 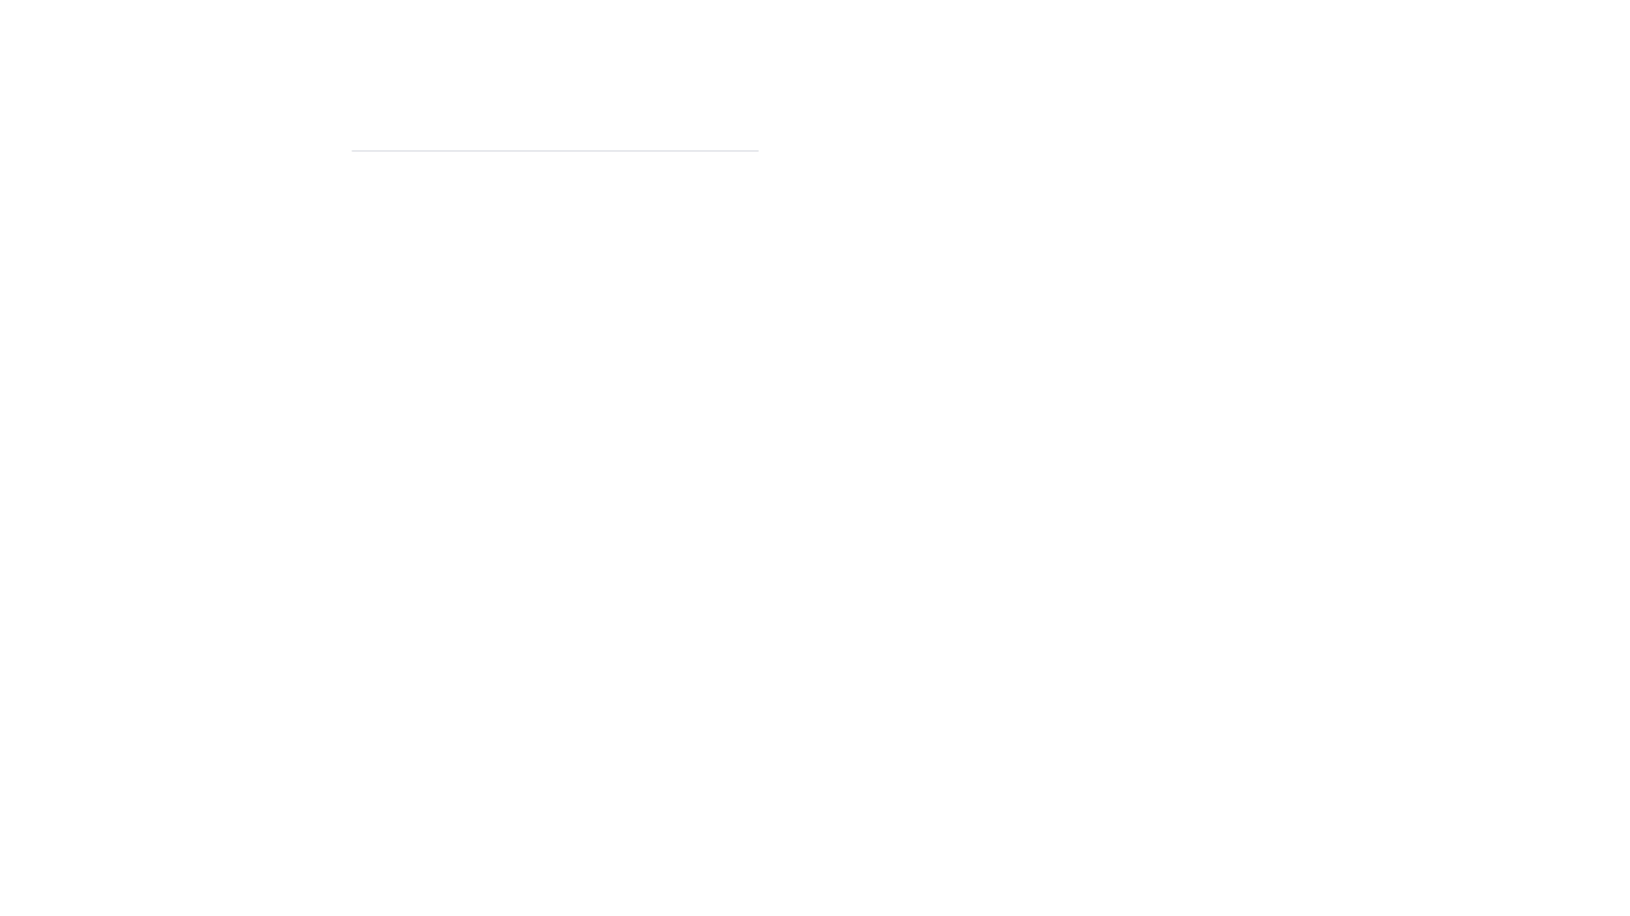 I want to click on the circular button with a gray background and a left-facing chevron icon by tabbing to it, so click(x=374, y=149).